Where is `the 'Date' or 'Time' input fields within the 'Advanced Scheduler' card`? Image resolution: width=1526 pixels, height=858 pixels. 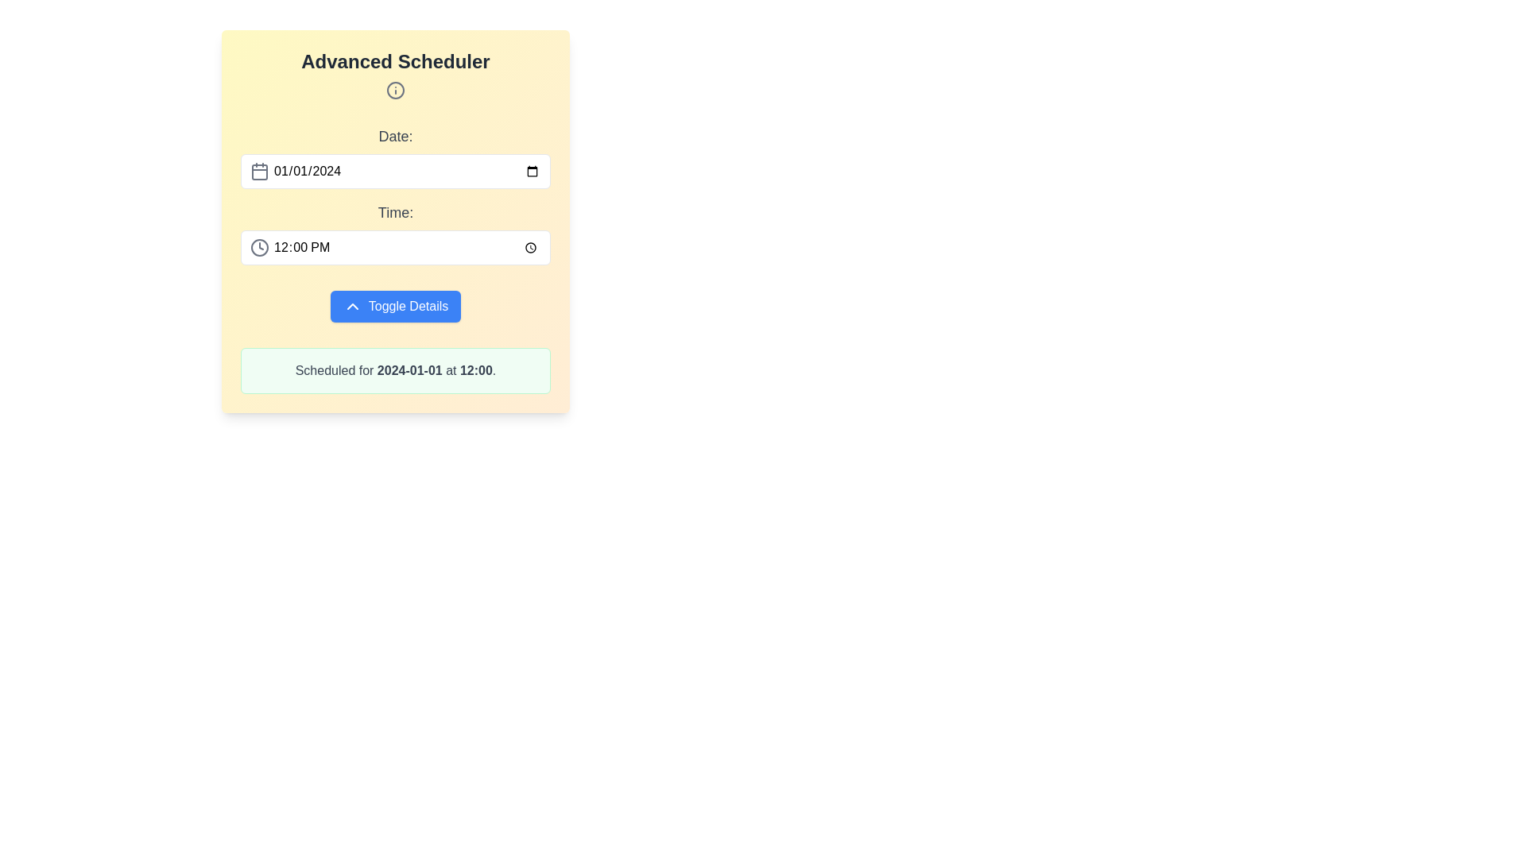
the 'Date' or 'Time' input fields within the 'Advanced Scheduler' card is located at coordinates (396, 221).